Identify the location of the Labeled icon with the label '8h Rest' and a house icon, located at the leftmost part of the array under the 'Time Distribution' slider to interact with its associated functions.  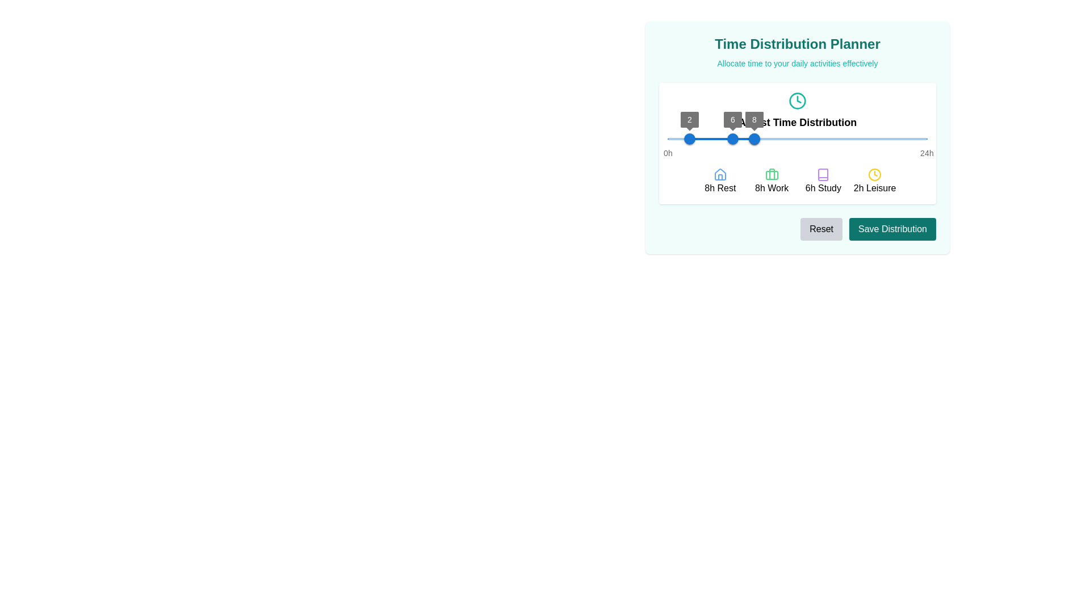
(719, 181).